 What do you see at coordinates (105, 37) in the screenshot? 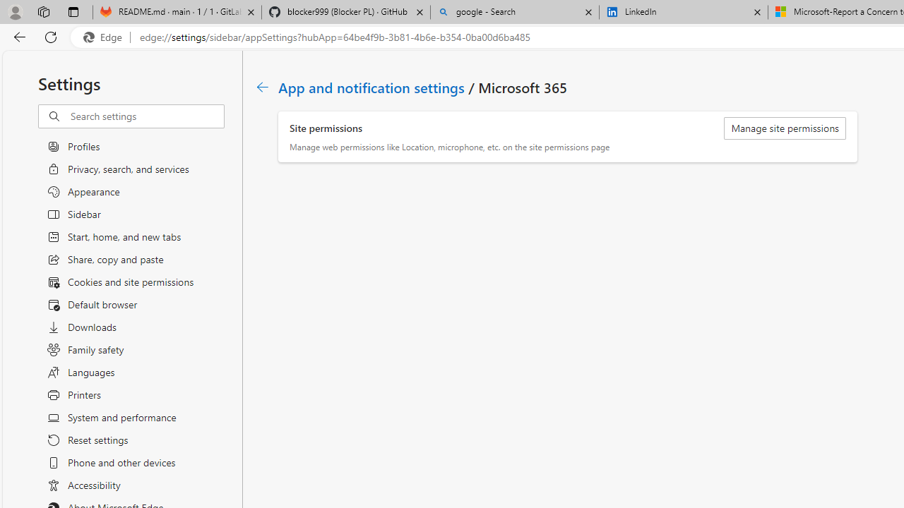
I see `'Edge'` at bounding box center [105, 37].